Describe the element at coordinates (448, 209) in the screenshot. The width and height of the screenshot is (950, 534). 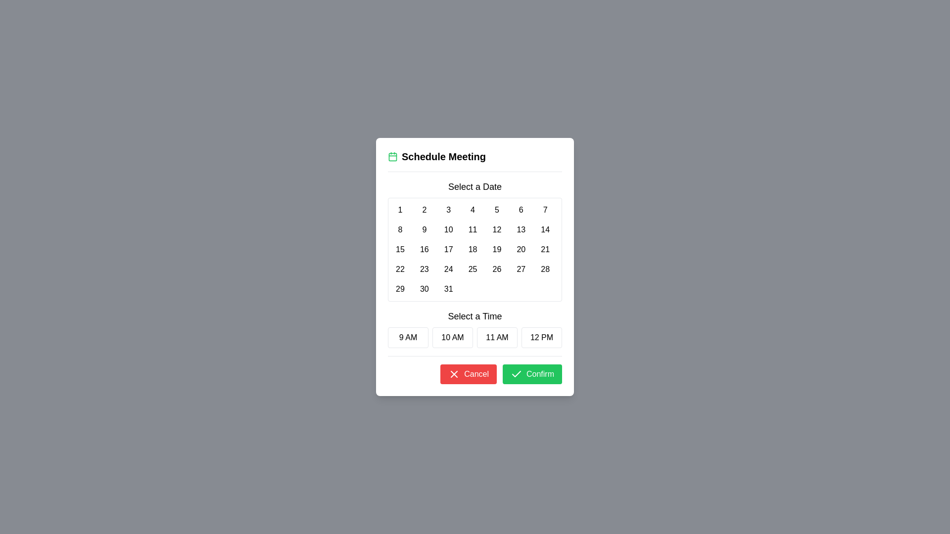
I see `the square button with rounded corners containing the number '3'` at that location.